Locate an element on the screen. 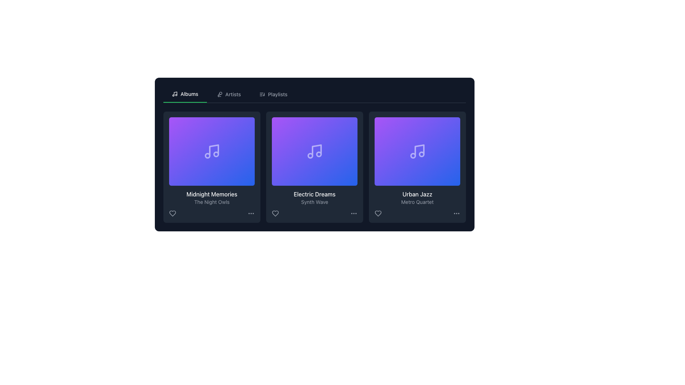  text of the label displaying the title 'Urban Jazz' and subtitle 'Metro Quartet', which is located within the third card from the left in a grid layout, positioned below the card's main icon is located at coordinates (417, 198).